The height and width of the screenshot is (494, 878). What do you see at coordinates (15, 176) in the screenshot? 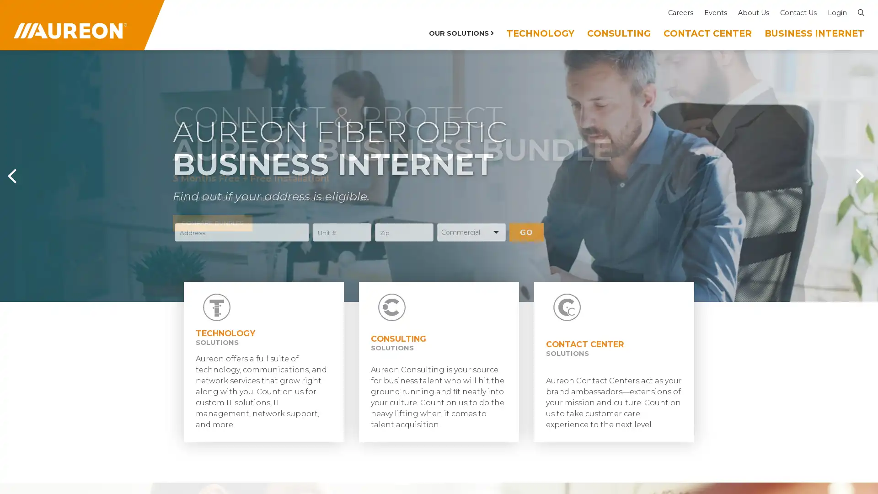
I see `Previous` at bounding box center [15, 176].